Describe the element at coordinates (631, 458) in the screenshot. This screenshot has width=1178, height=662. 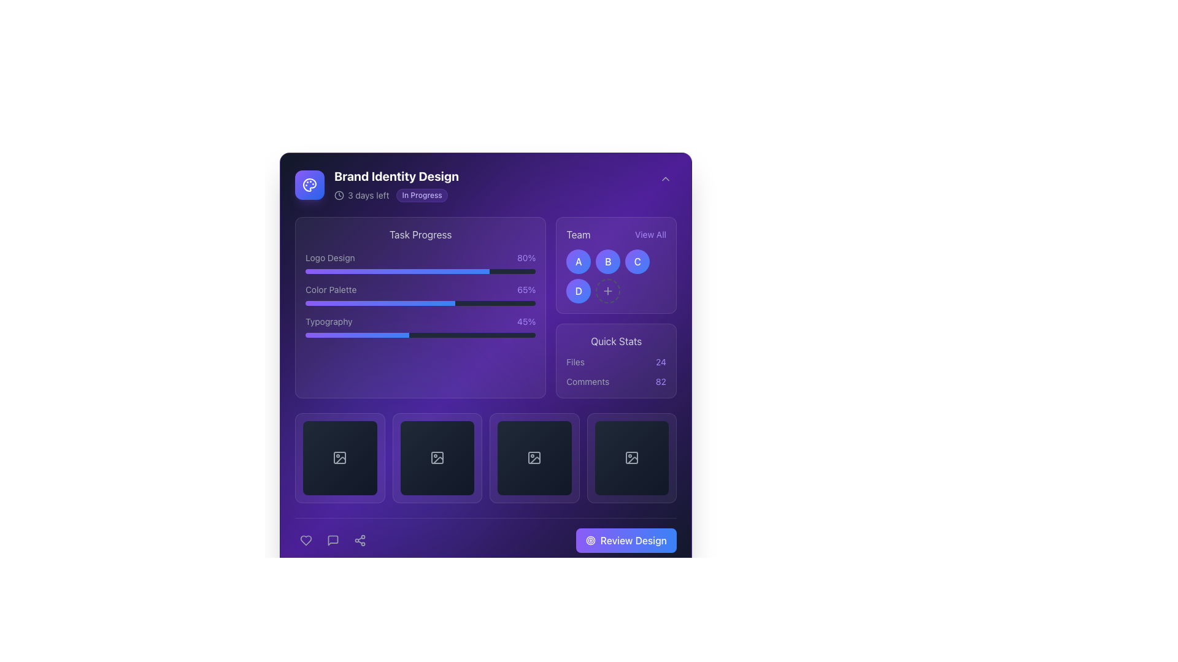
I see `the image placeholder icon located as the fourth item in a horizontal sequence above the 'Review Design' button` at that location.